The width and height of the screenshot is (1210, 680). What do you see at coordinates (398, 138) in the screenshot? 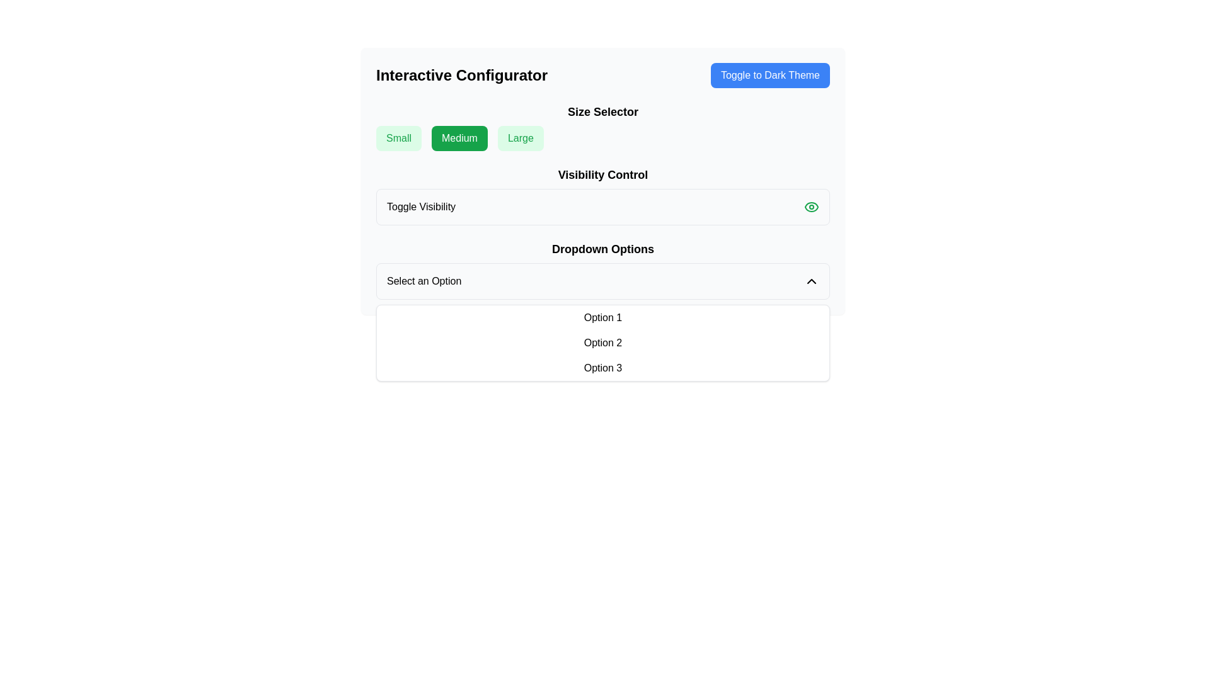
I see `the 'Small' size button with a green label on a light green background, located in the 'Size Selector' section of the UI` at bounding box center [398, 138].